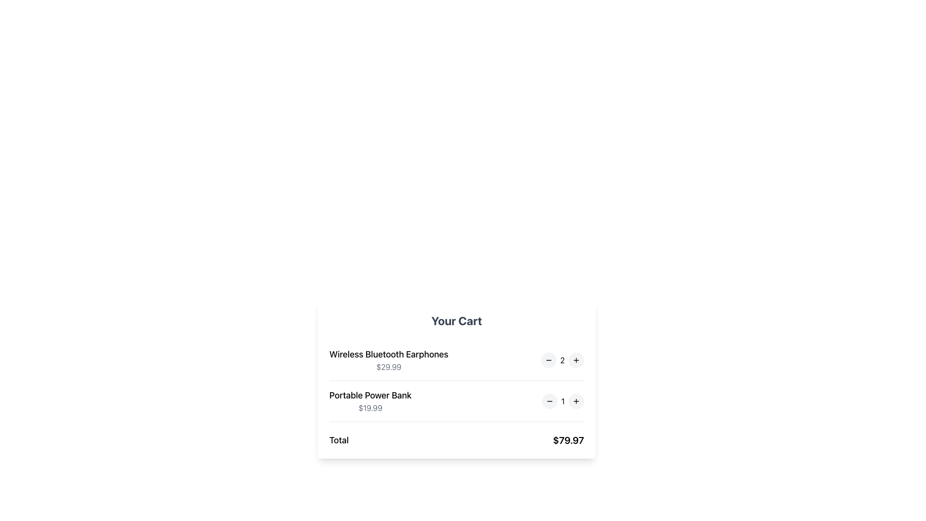 This screenshot has width=926, height=521. Describe the element at coordinates (562, 360) in the screenshot. I see `the static text displaying the current quantity of the 'Wireless Bluetooth Earphones' in the cart, located between the 'minus' and 'plus' buttons` at that location.